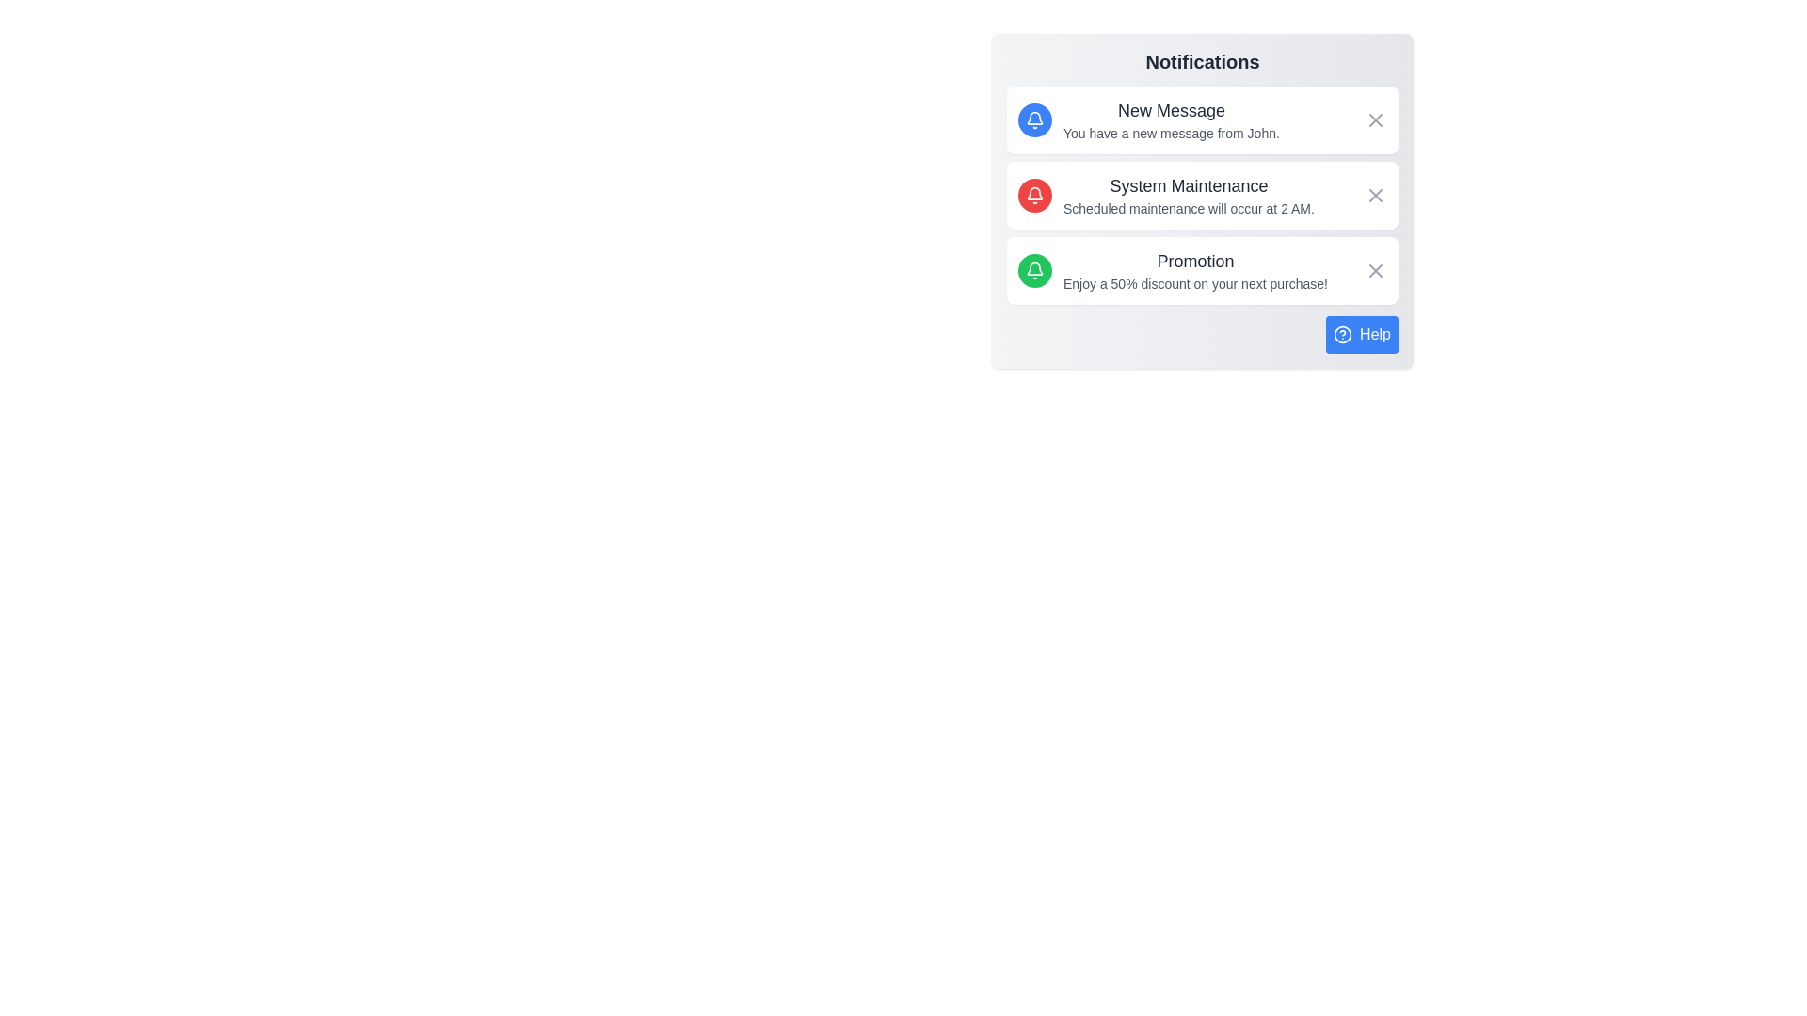  I want to click on the Notification item titled 'Promotion' which contains the message 'Enjoy a 50% discount on your next purchase!'. This Notification item is the third in a vertical list within the notification panel, so click(1172, 271).